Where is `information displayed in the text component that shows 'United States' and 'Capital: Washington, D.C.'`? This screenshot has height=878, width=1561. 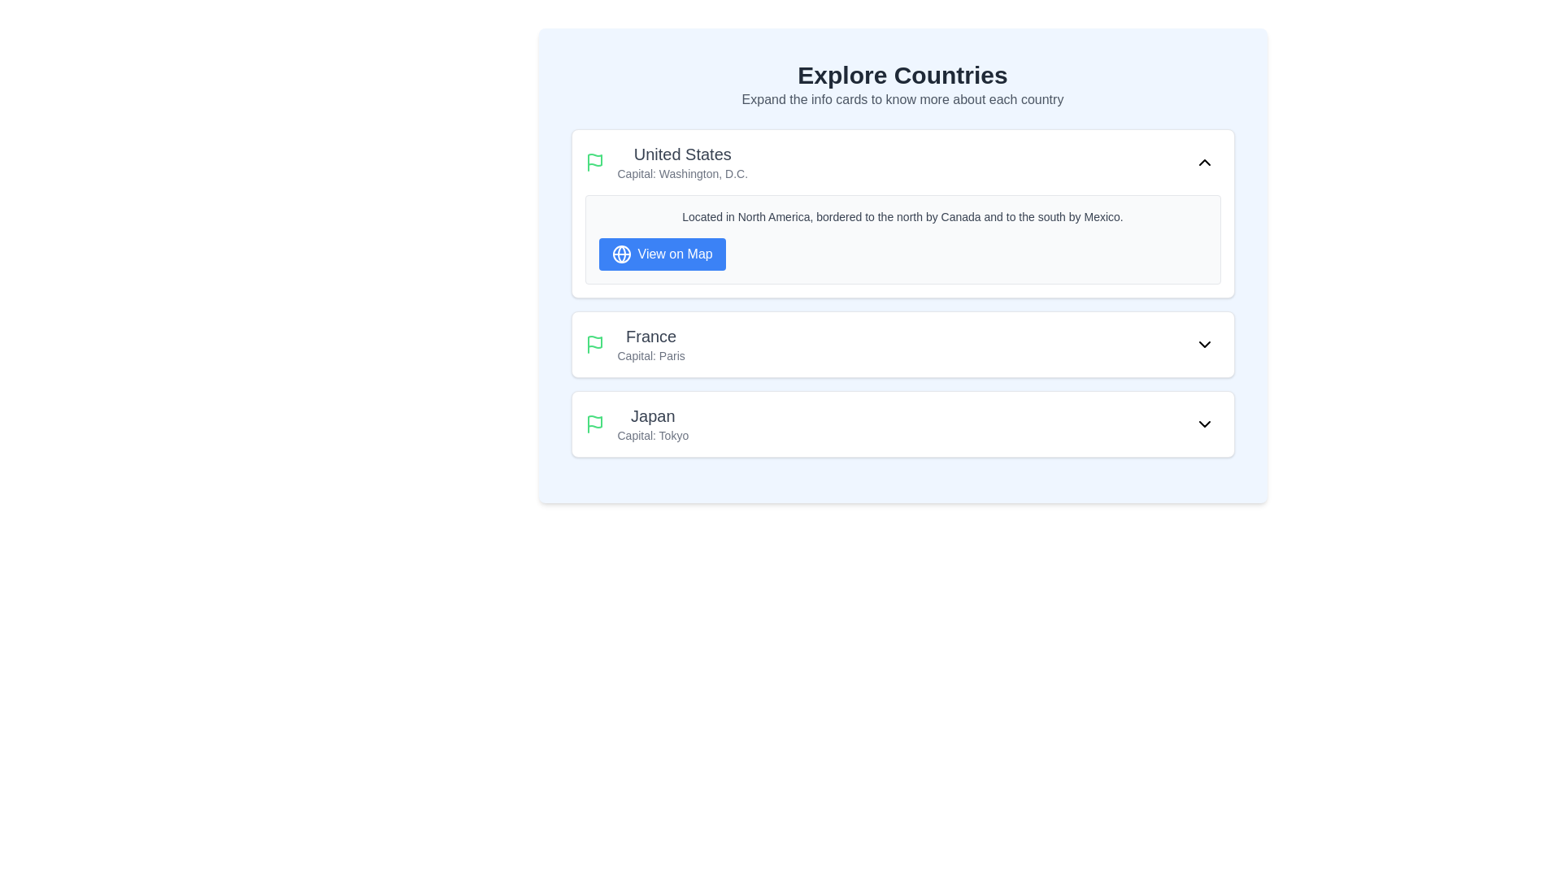
information displayed in the text component that shows 'United States' and 'Capital: Washington, D.C.' is located at coordinates (682, 163).